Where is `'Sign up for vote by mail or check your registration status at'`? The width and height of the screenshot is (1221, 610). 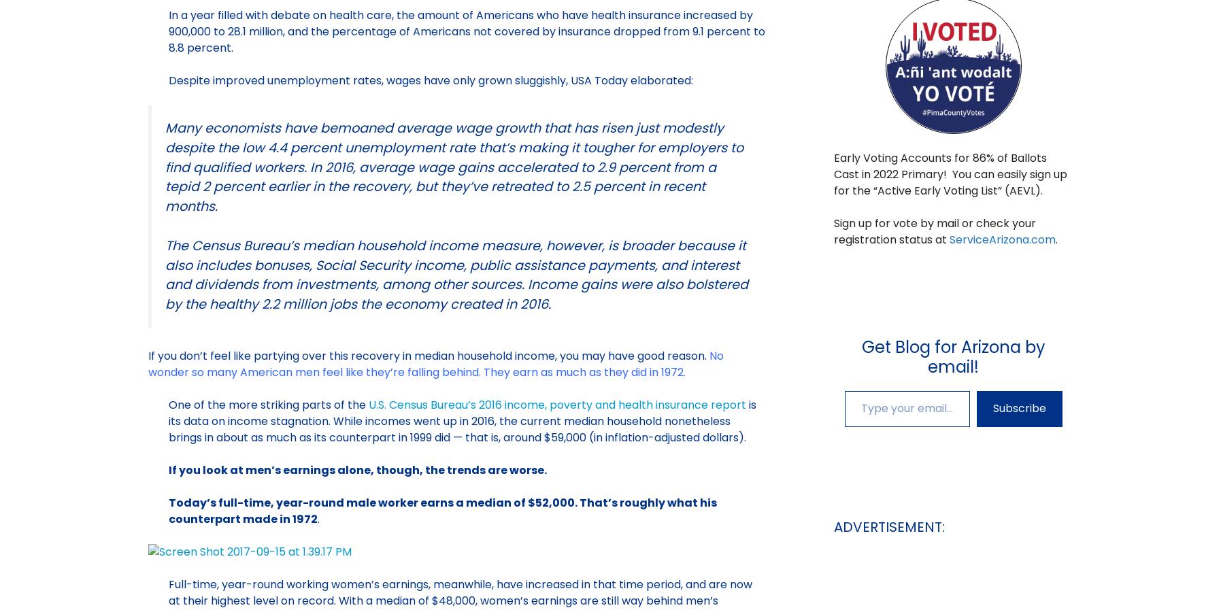
'Sign up for vote by mail or check your registration status at' is located at coordinates (833, 231).